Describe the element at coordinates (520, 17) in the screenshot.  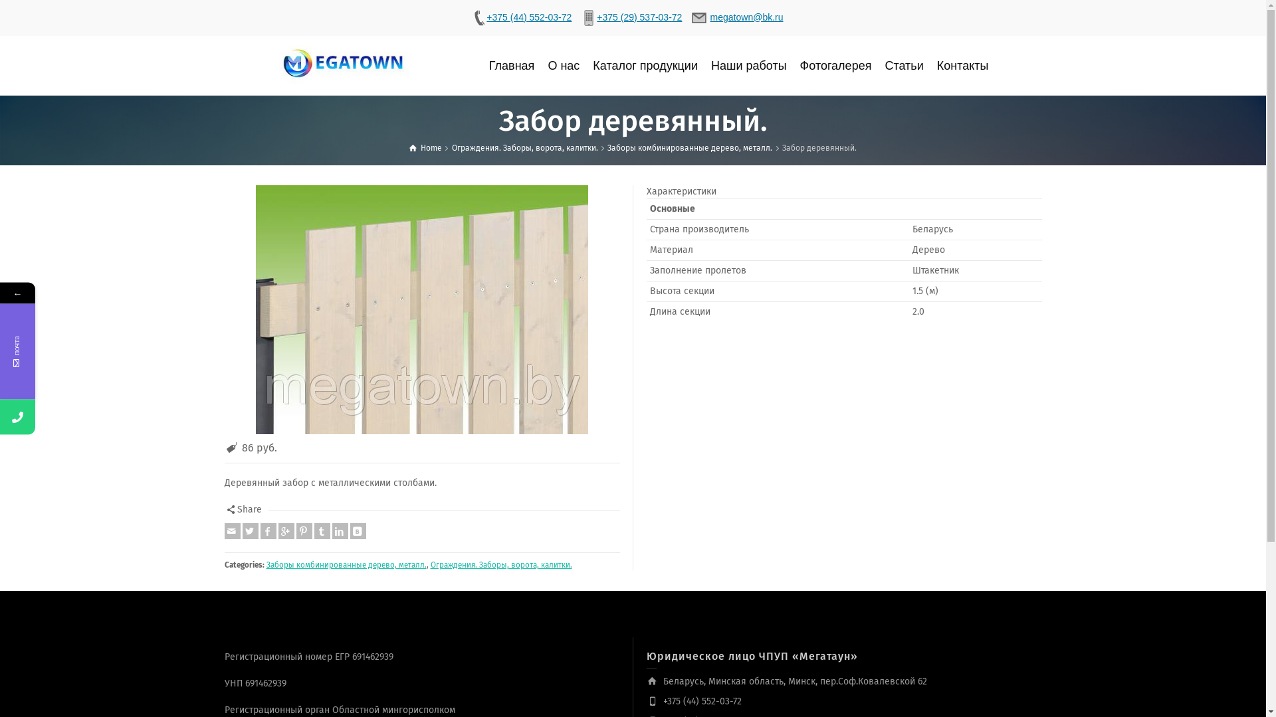
I see `'+375 (44) 552-03-72'` at that location.